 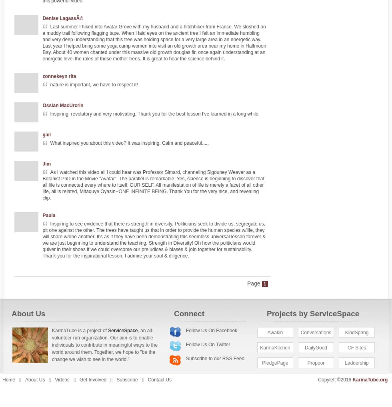 What do you see at coordinates (153, 185) in the screenshot?
I see `'As I watched this video all i could hear was Professor Simard, channeling Sigouney Weaver as a Botanist PhD in the Movie "Avatar". The parallel is remarkable. Yes, science is beginning to discover that all life is connected every where to itself, OUR SELF. All manifestation of life is merely a facet of all other life, all is related, Mitaquye Oyasin--ONE INFINITE BEING. Thank You for the very nice, and revealing clip.'` at bounding box center [153, 185].